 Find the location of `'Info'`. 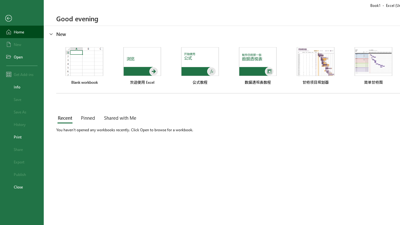

'Info' is located at coordinates (22, 87).